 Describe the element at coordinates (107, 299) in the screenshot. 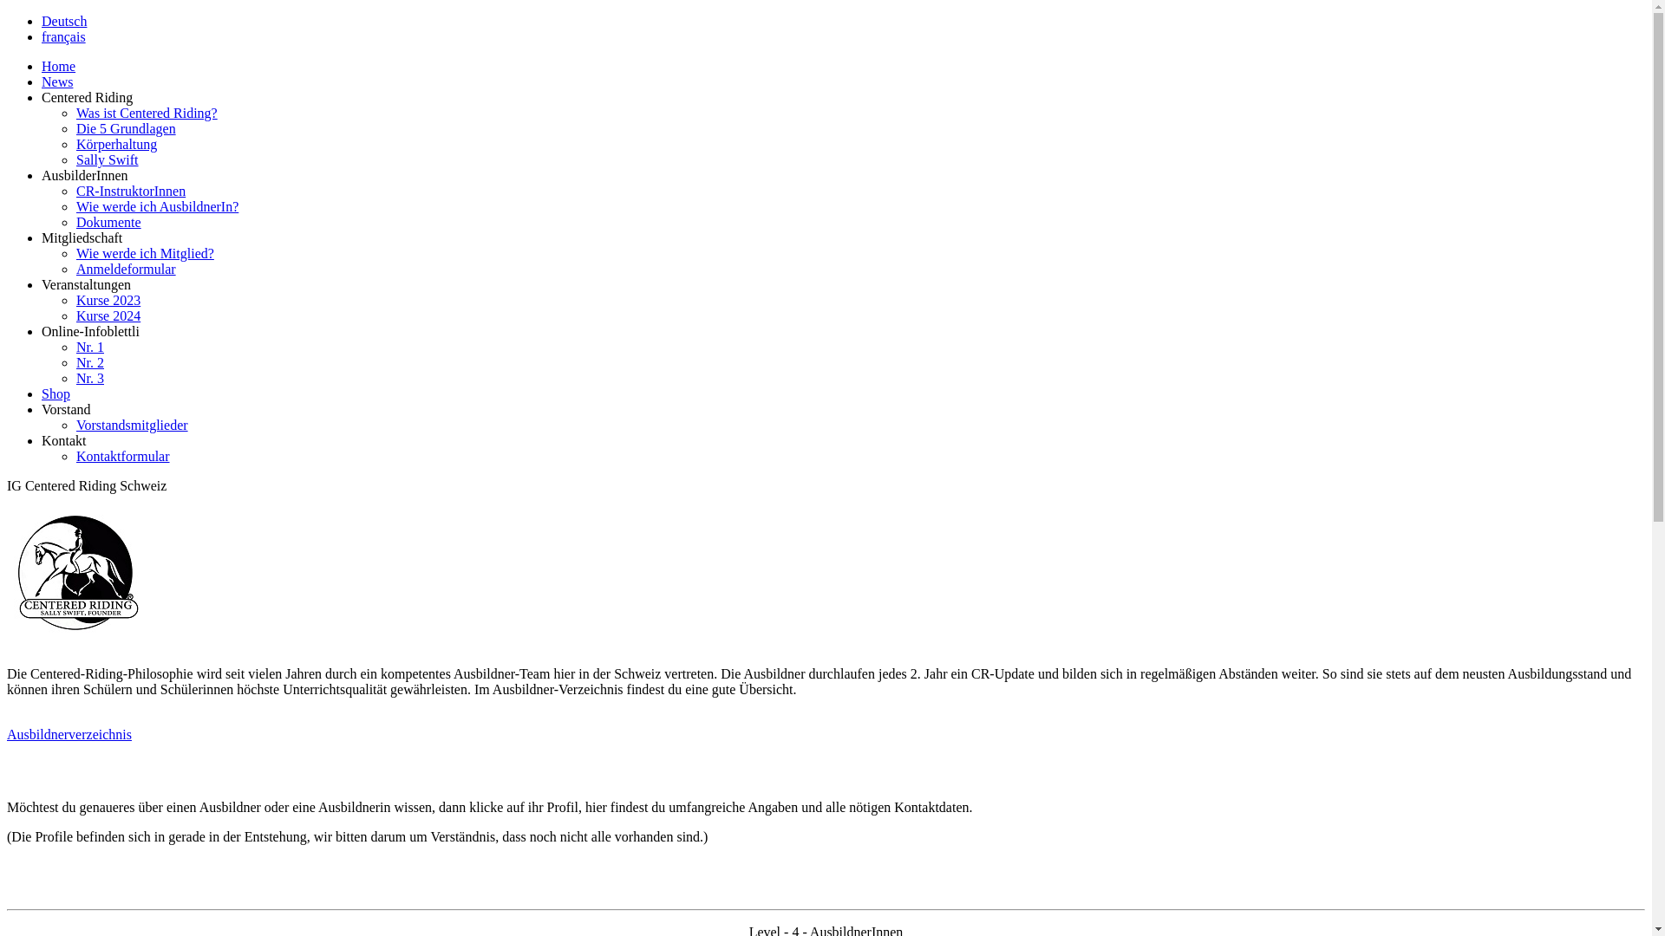

I see `'Kurse 2023'` at that location.